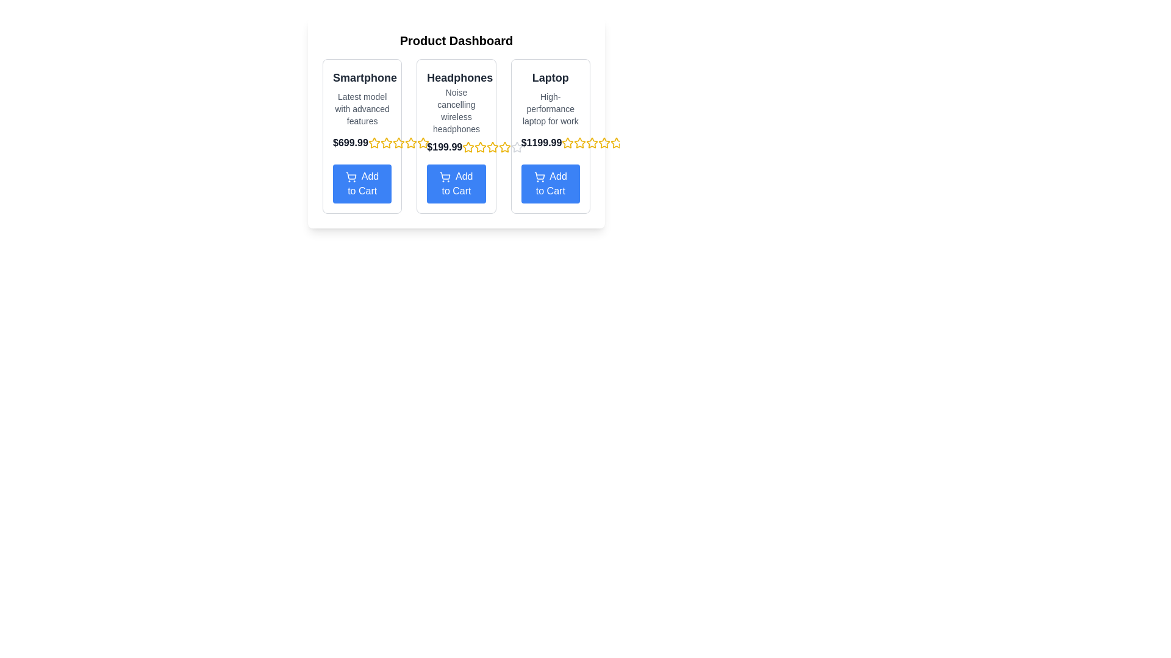 This screenshot has width=1171, height=658. Describe the element at coordinates (479, 146) in the screenshot. I see `the sixth yellow star icon outlined in black to rate the product 'Headphones'` at that location.